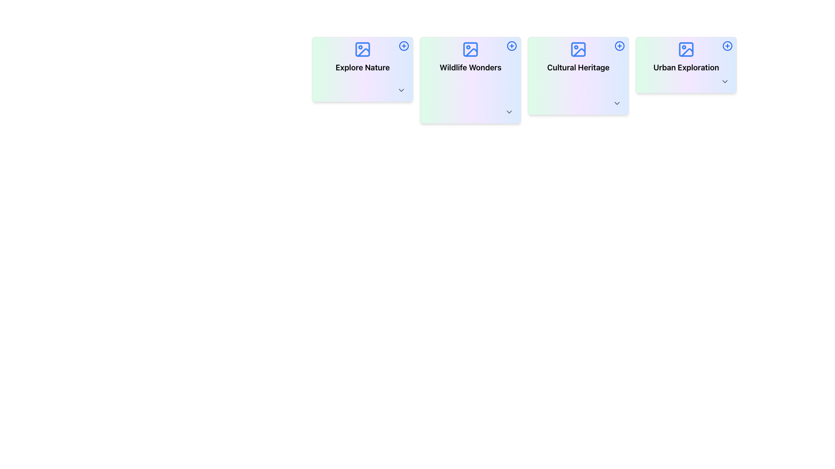 This screenshot has height=469, width=835. What do you see at coordinates (686, 50) in the screenshot?
I see `the blue icon resembling a minimalist image or landscape depiction located at the top-center of the 'Urban Exploration' card` at bounding box center [686, 50].